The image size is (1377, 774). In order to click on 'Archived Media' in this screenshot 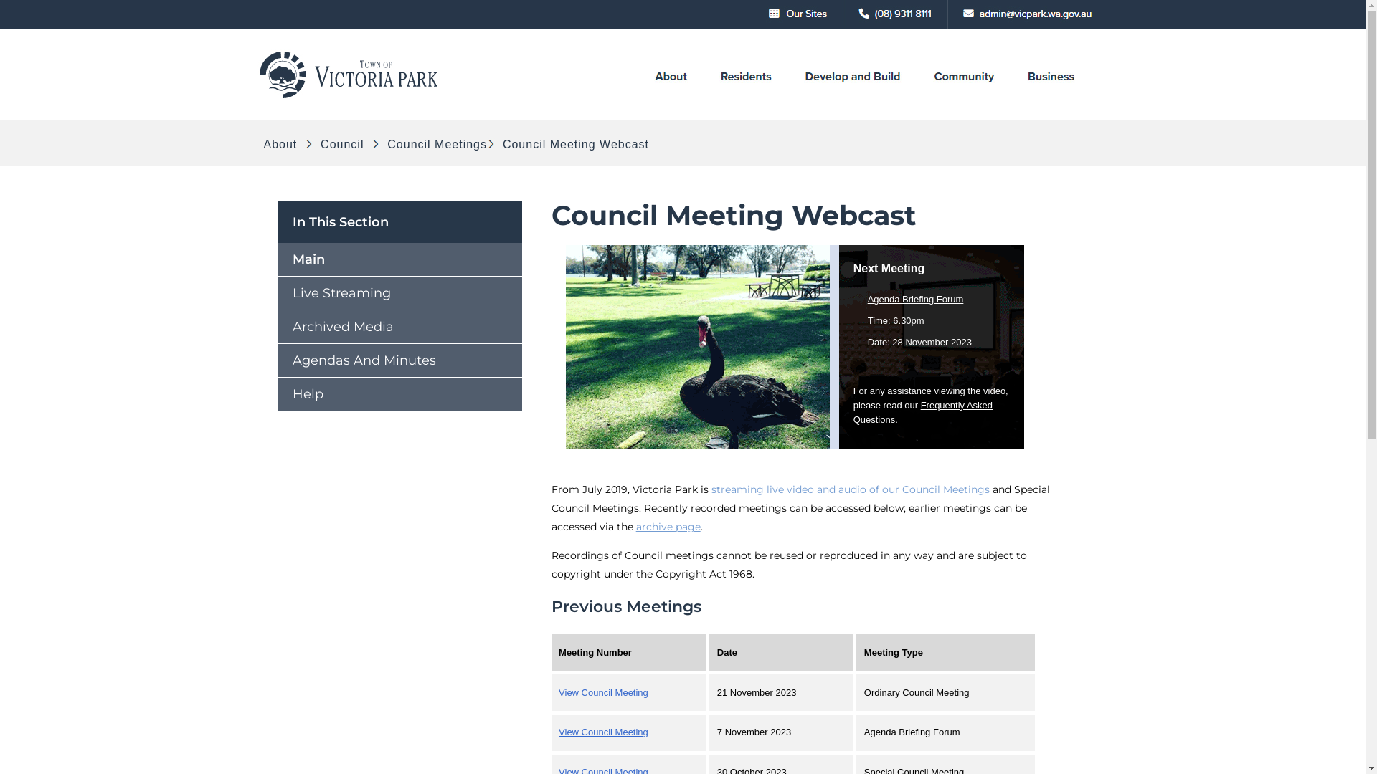, I will do `click(399, 326)`.